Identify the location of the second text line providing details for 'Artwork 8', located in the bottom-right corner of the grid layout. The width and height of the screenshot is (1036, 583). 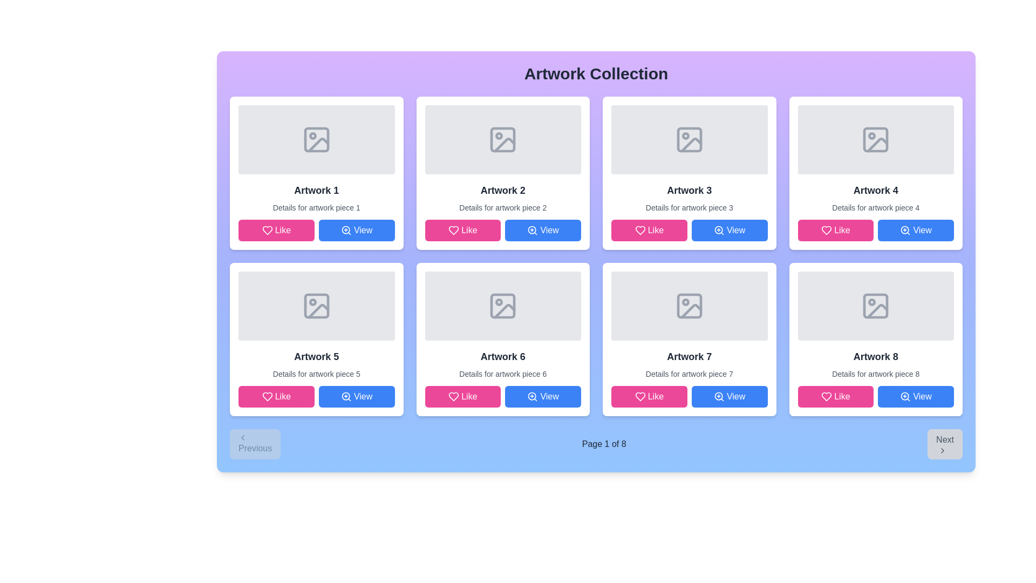
(876, 374).